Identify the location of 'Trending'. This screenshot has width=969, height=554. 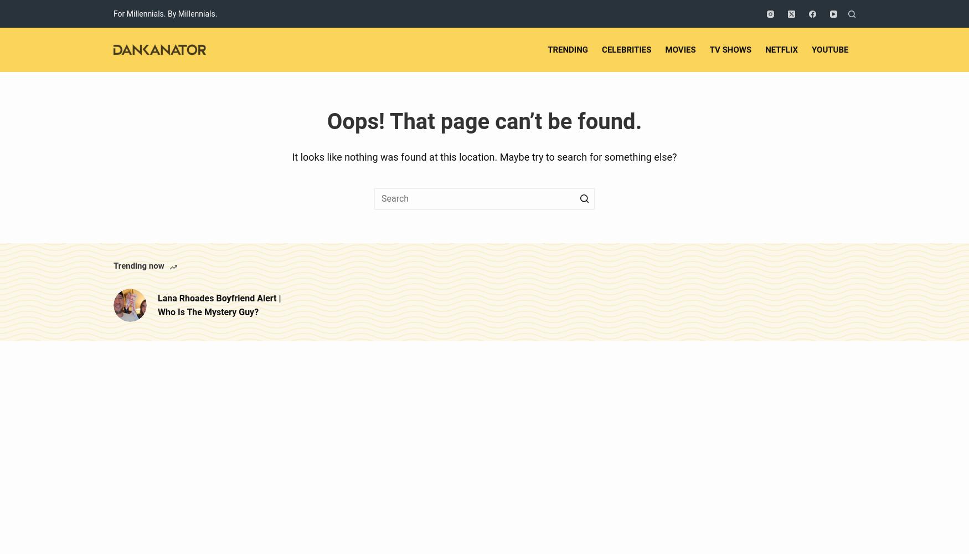
(567, 49).